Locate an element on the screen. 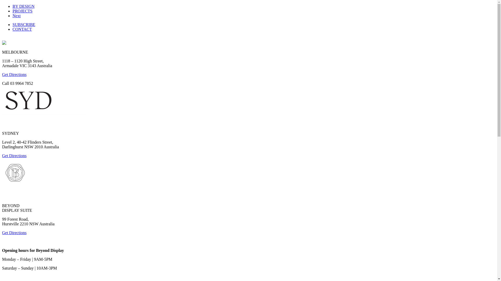 The image size is (501, 281). 'Get Directions' is located at coordinates (14, 74).